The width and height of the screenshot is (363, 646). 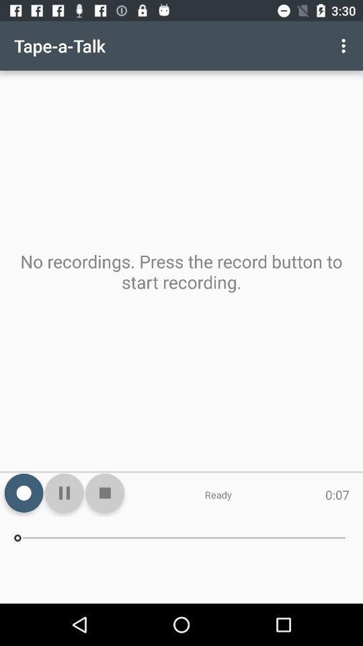 I want to click on icon next to ready item, so click(x=104, y=492).